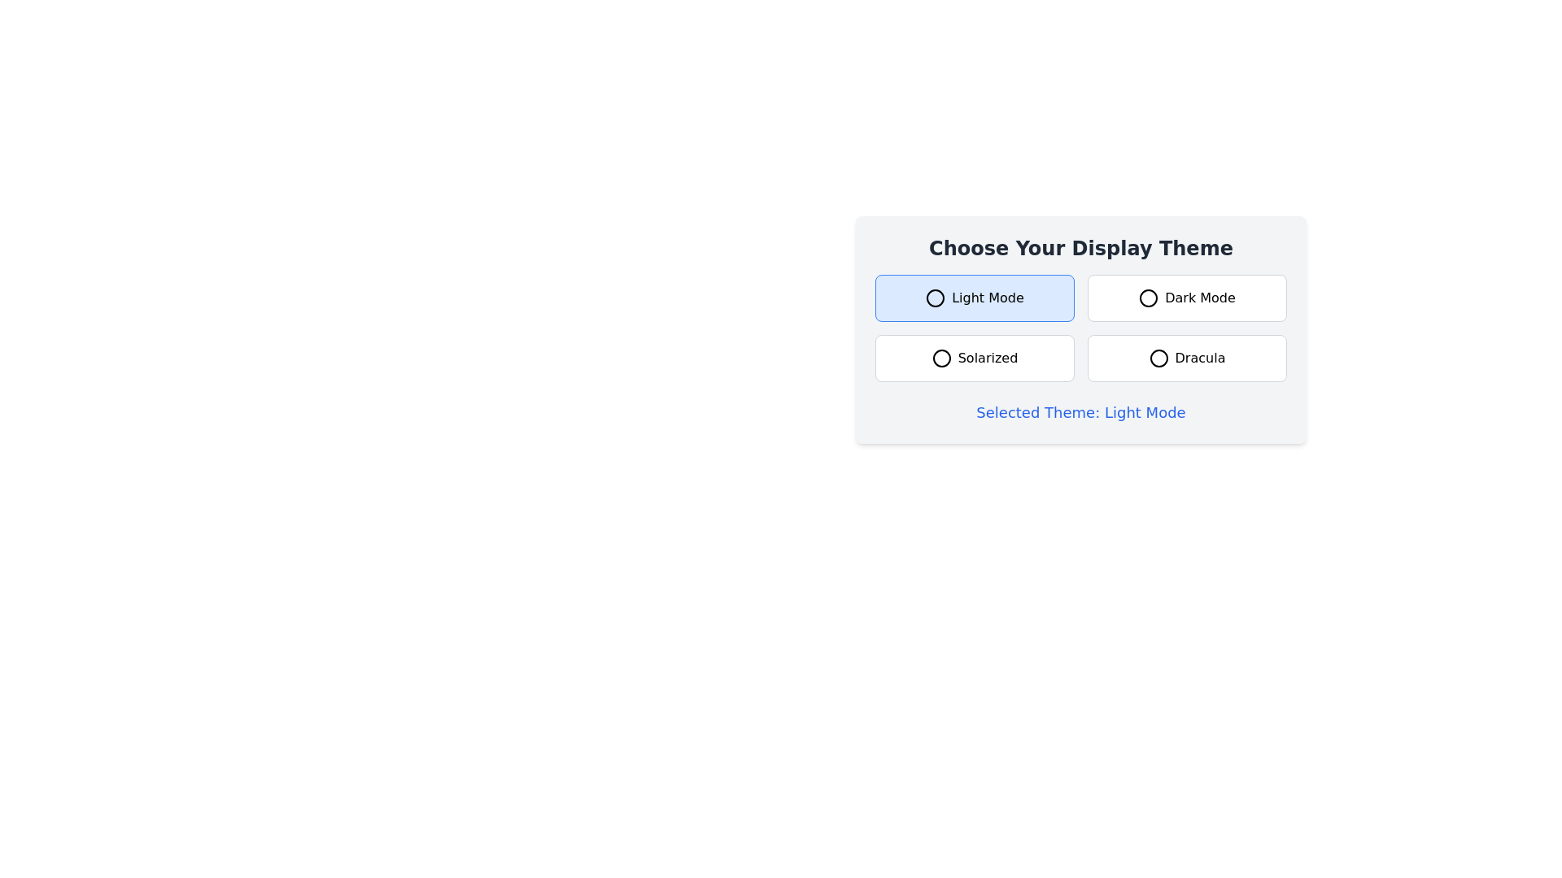 The width and height of the screenshot is (1562, 878). Describe the element at coordinates (975, 298) in the screenshot. I see `keyboard navigation` at that location.